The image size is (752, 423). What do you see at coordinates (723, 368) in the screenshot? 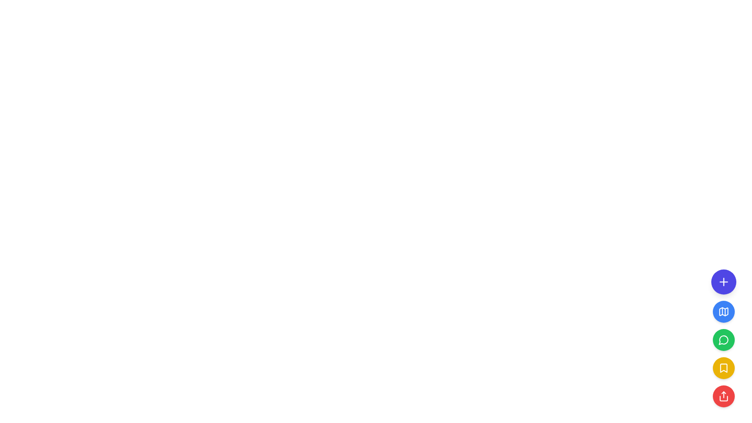
I see `the fourth circular button in the vertical stack on the right side of the interface` at bounding box center [723, 368].